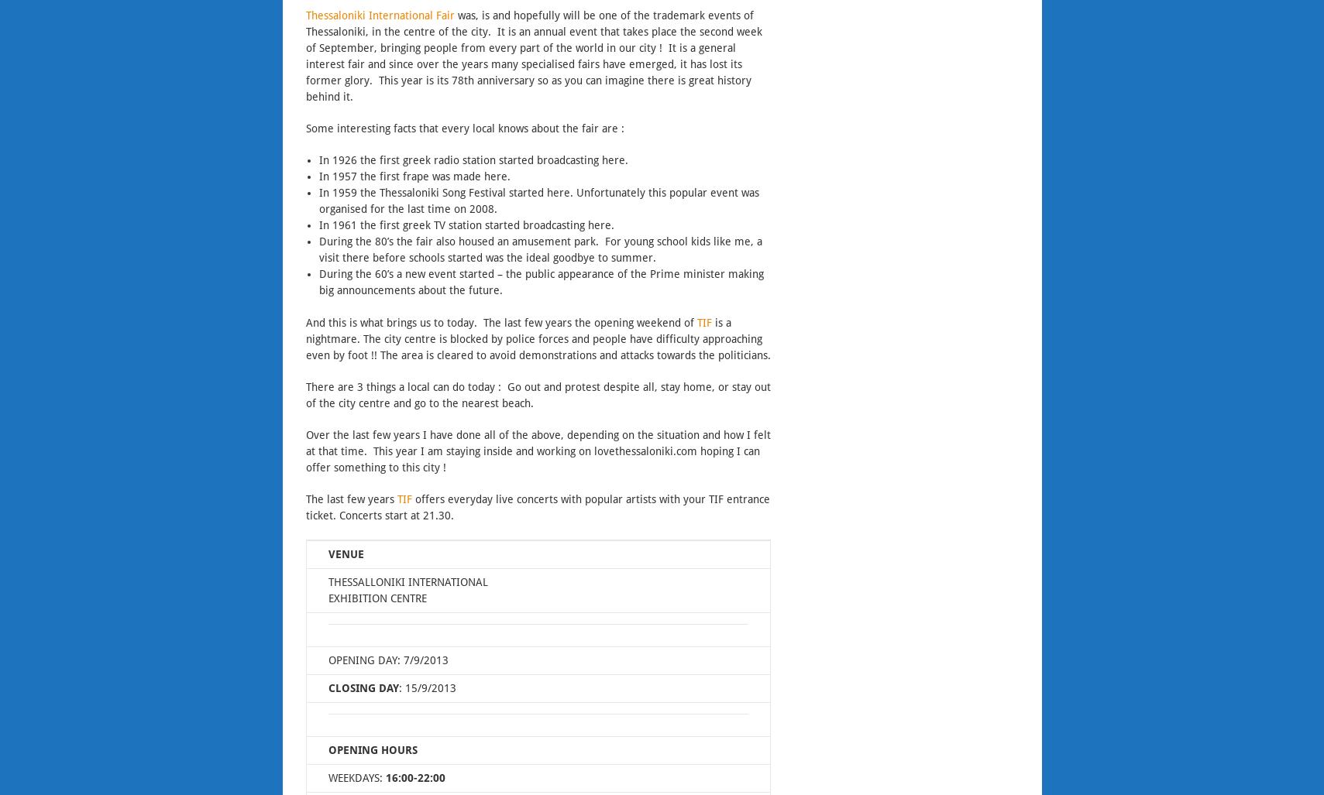 The height and width of the screenshot is (795, 1324). I want to click on 'During the 60’s a new event started – the public appearance of the Prime minister making big announcements about the future.', so click(539, 283).